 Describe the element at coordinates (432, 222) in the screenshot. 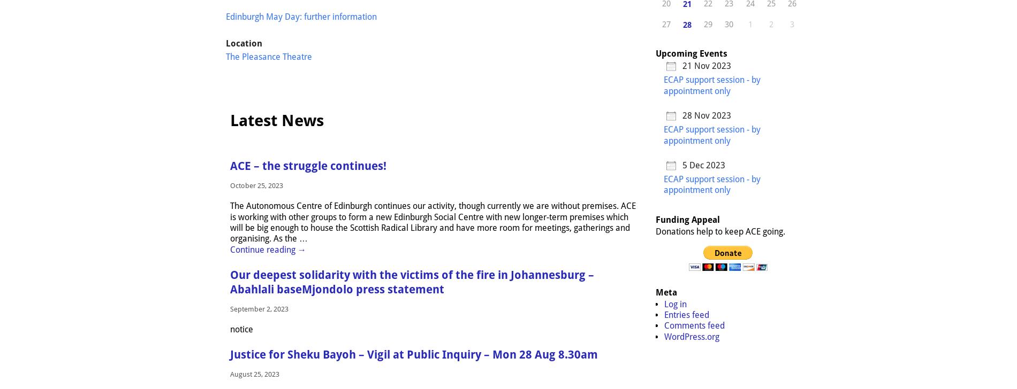

I see `'The Autonomous Centre of Edinburgh continues our activity, though currently we are without premises. ACE is working with other groups to form a new Edinburgh Social Centre with new longer-term premises which will be big enough to house the Scottish Radical Library and have more room for meetings, gatherings and organising. As the'` at that location.